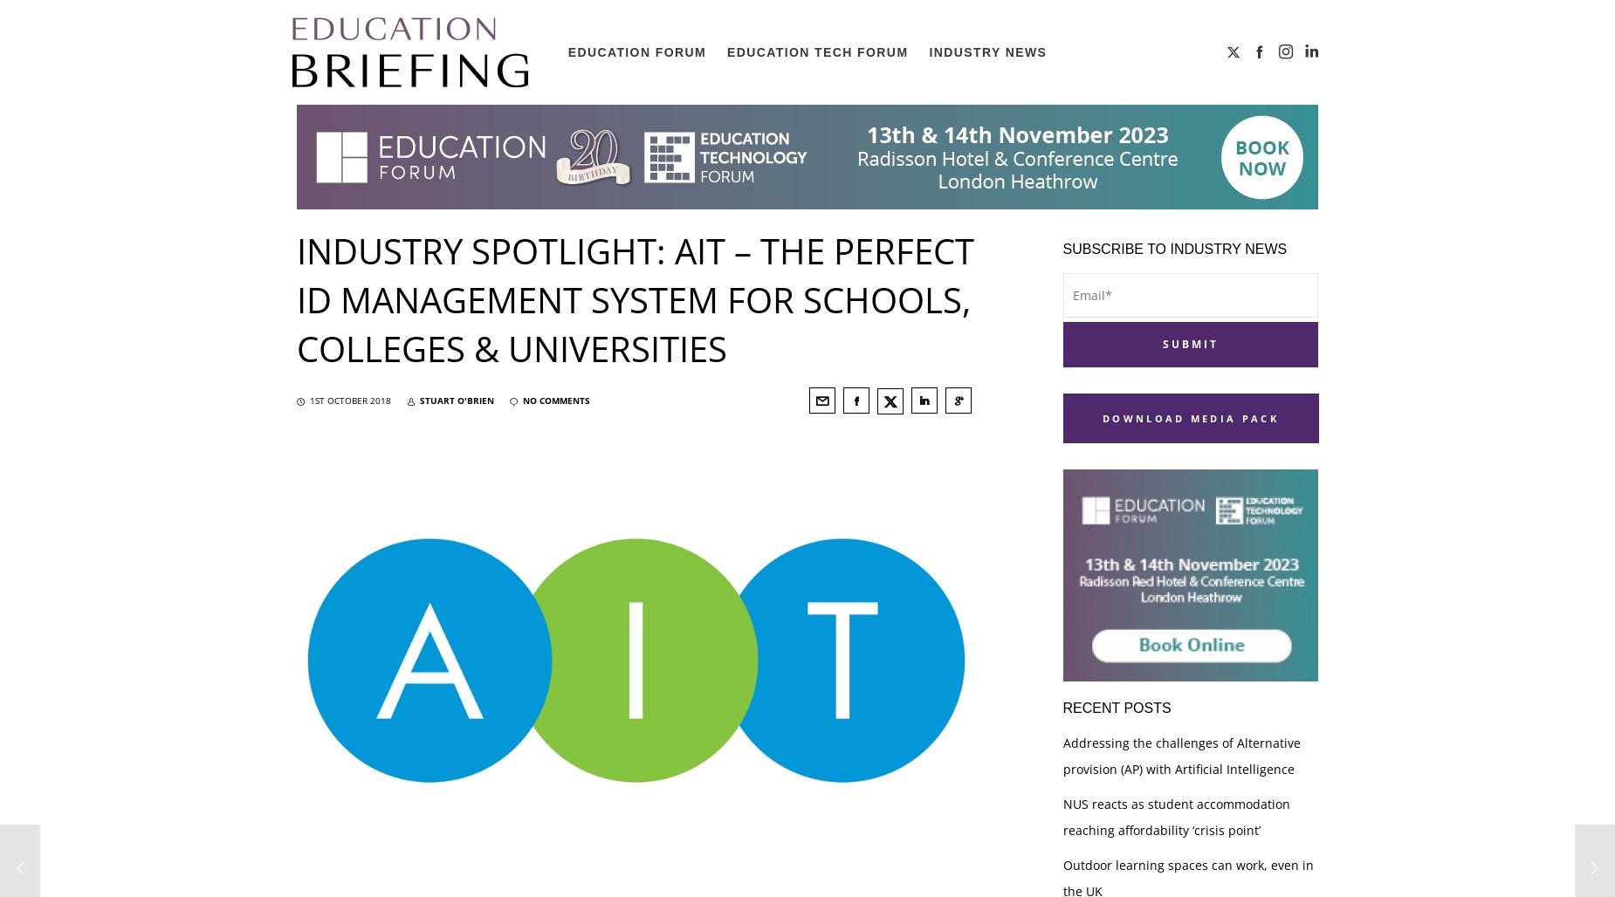 This screenshot has height=897, width=1615. What do you see at coordinates (1173, 249) in the screenshot?
I see `'Subscribe to industry news'` at bounding box center [1173, 249].